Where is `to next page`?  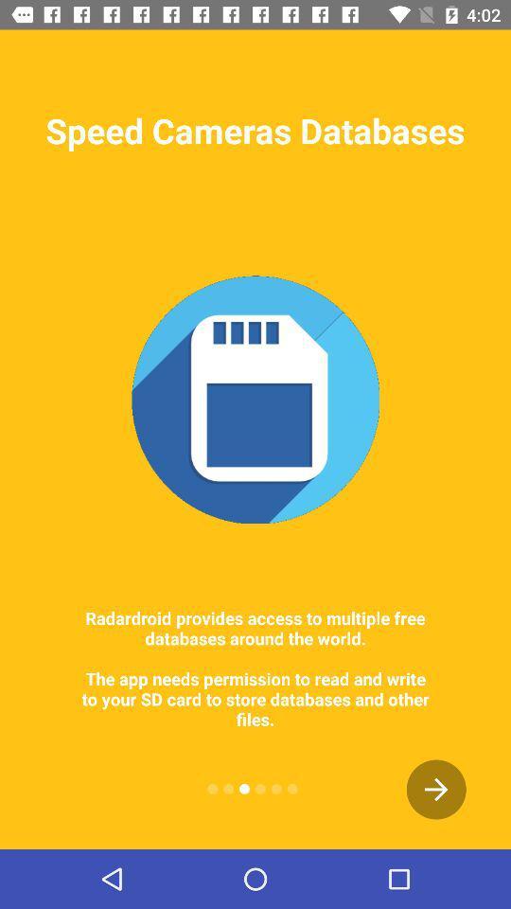 to next page is located at coordinates (436, 789).